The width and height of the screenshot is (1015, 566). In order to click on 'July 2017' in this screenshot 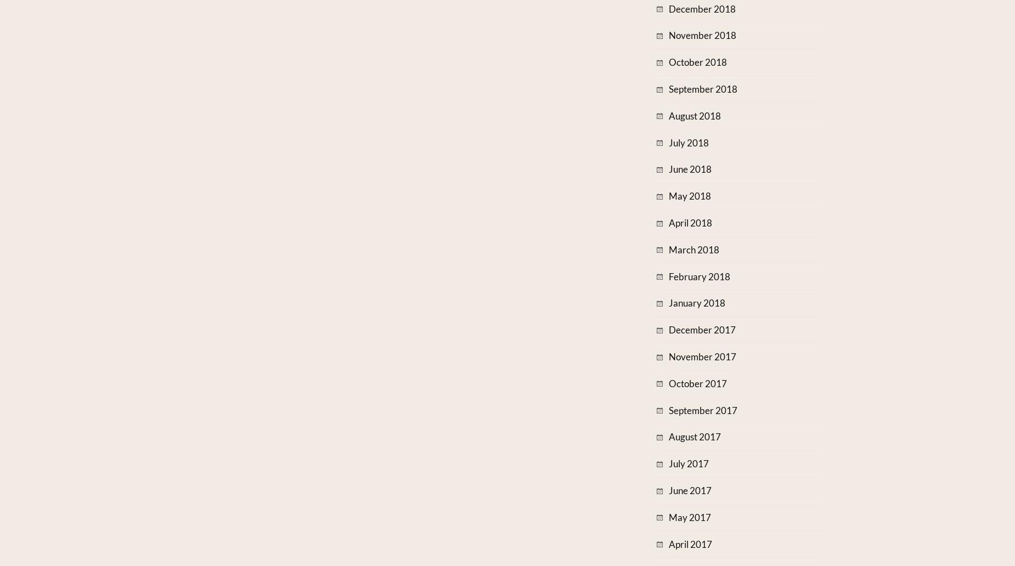, I will do `click(668, 463)`.